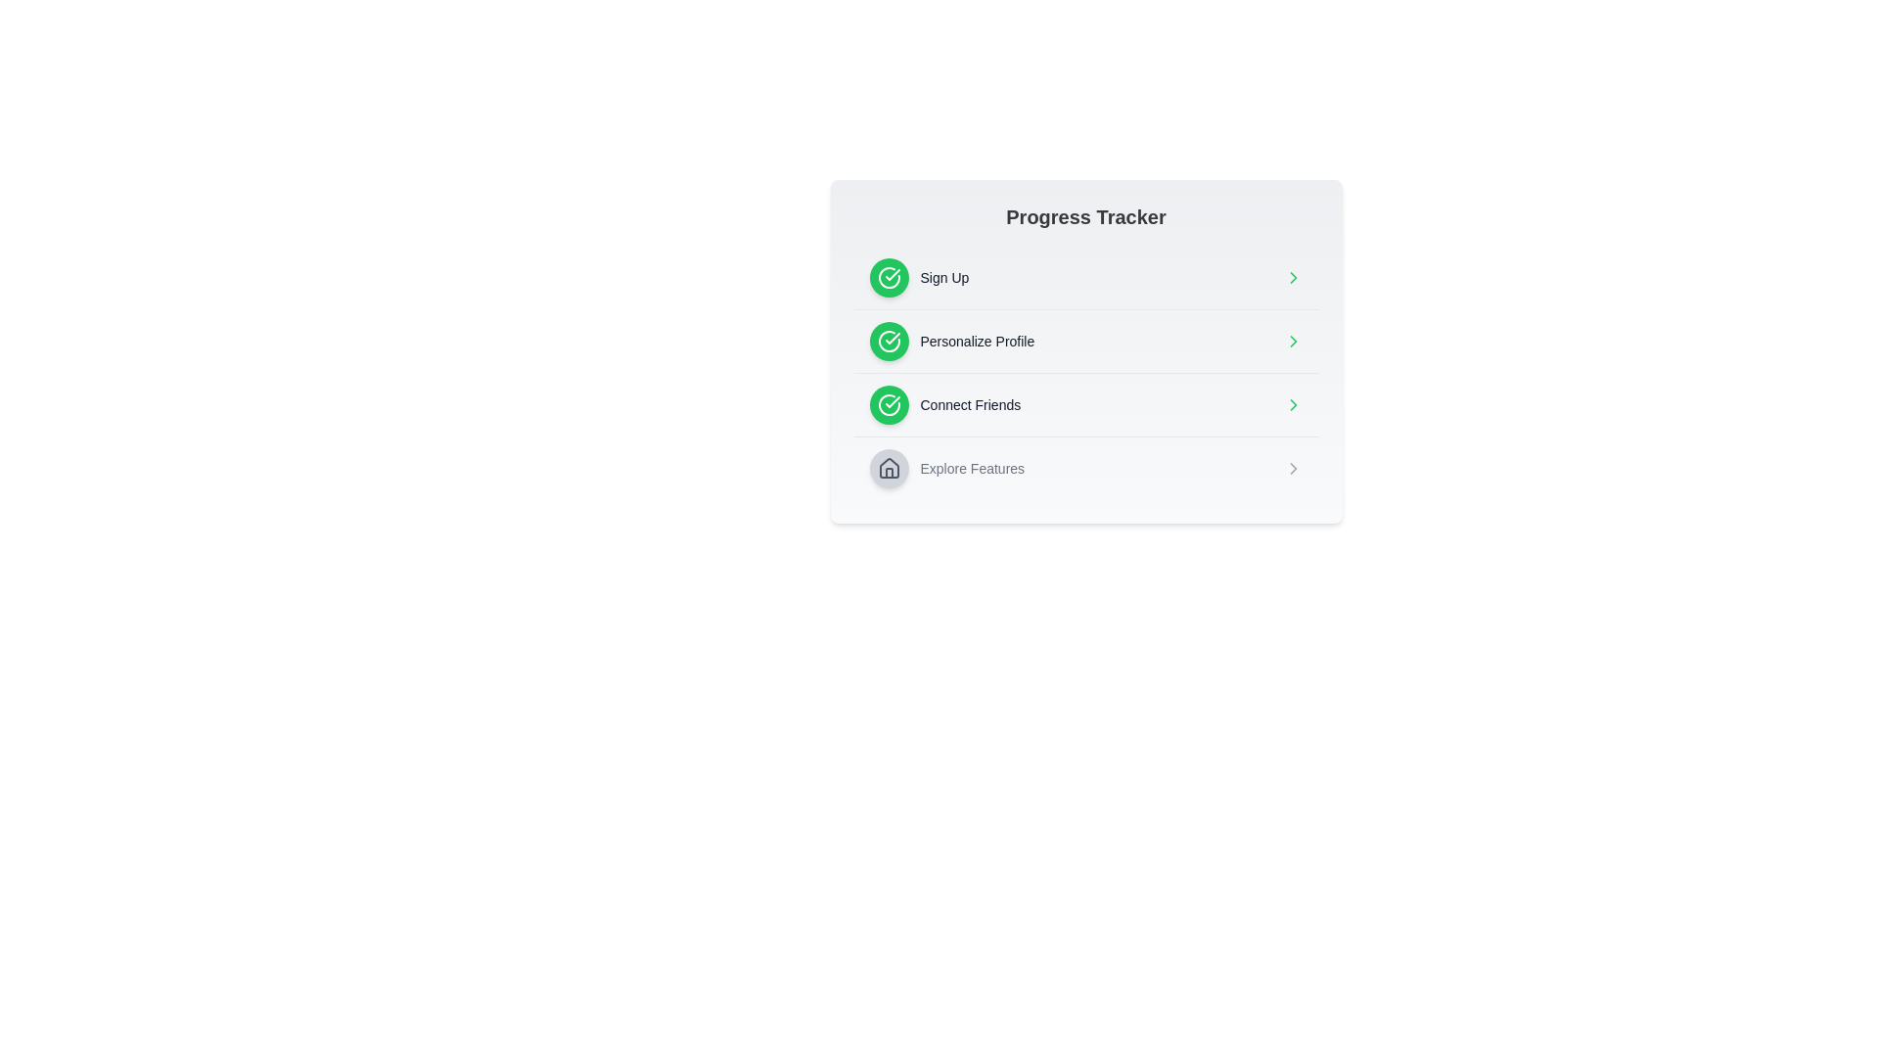  What do you see at coordinates (1293, 340) in the screenshot?
I see `the right-facing green stroke arrow icon located at the far right end of the 'Personalize Profile' row in the progress tracker interface` at bounding box center [1293, 340].